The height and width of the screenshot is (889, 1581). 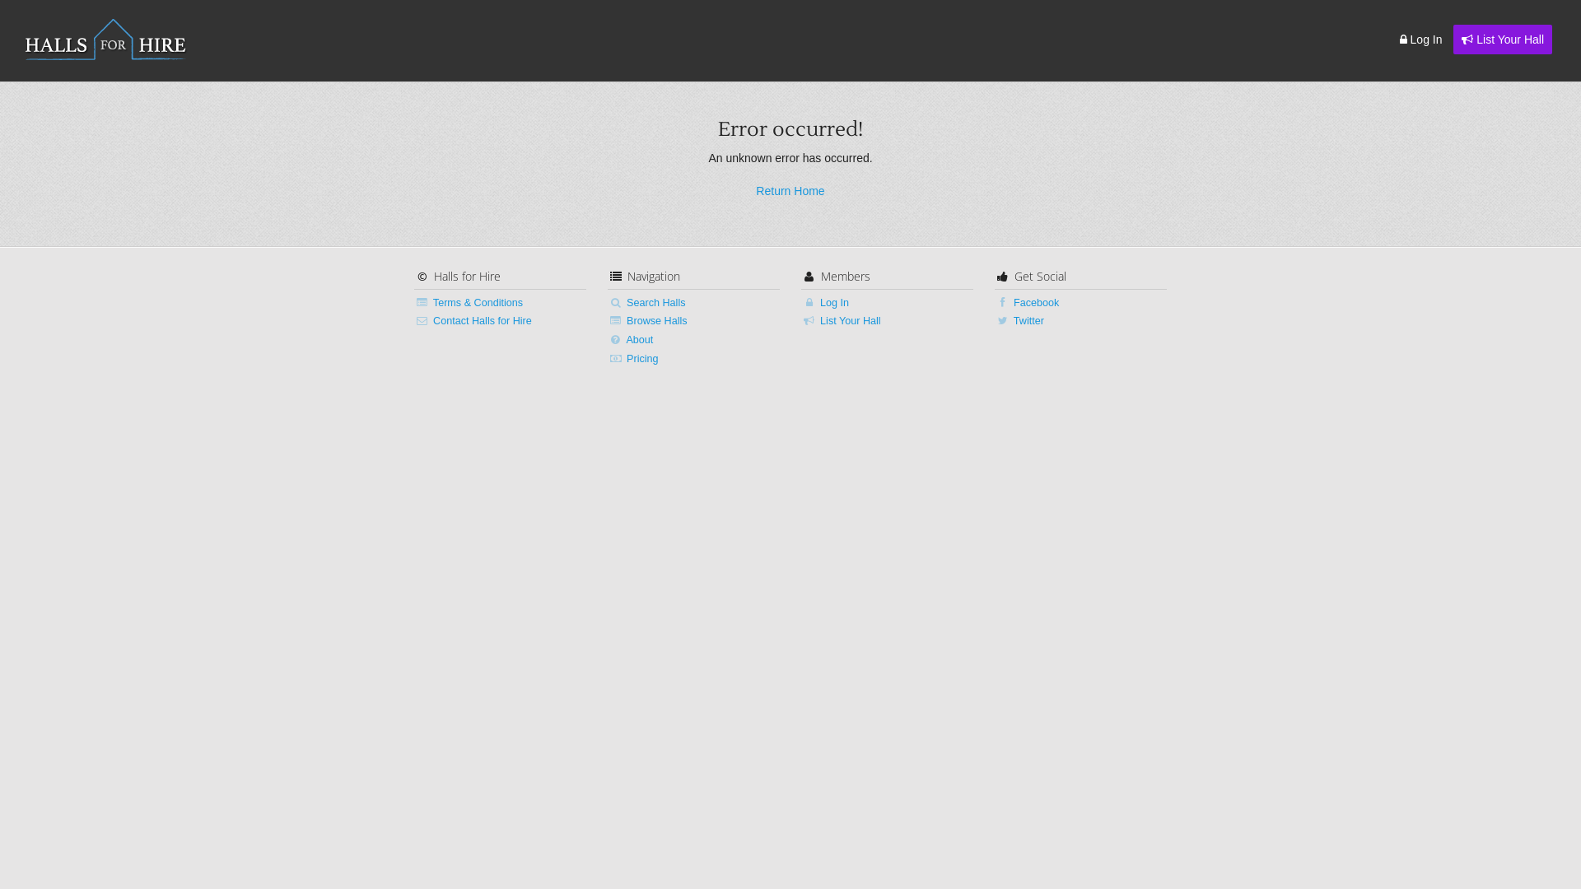 What do you see at coordinates (887, 321) in the screenshot?
I see `'List Your Hall'` at bounding box center [887, 321].